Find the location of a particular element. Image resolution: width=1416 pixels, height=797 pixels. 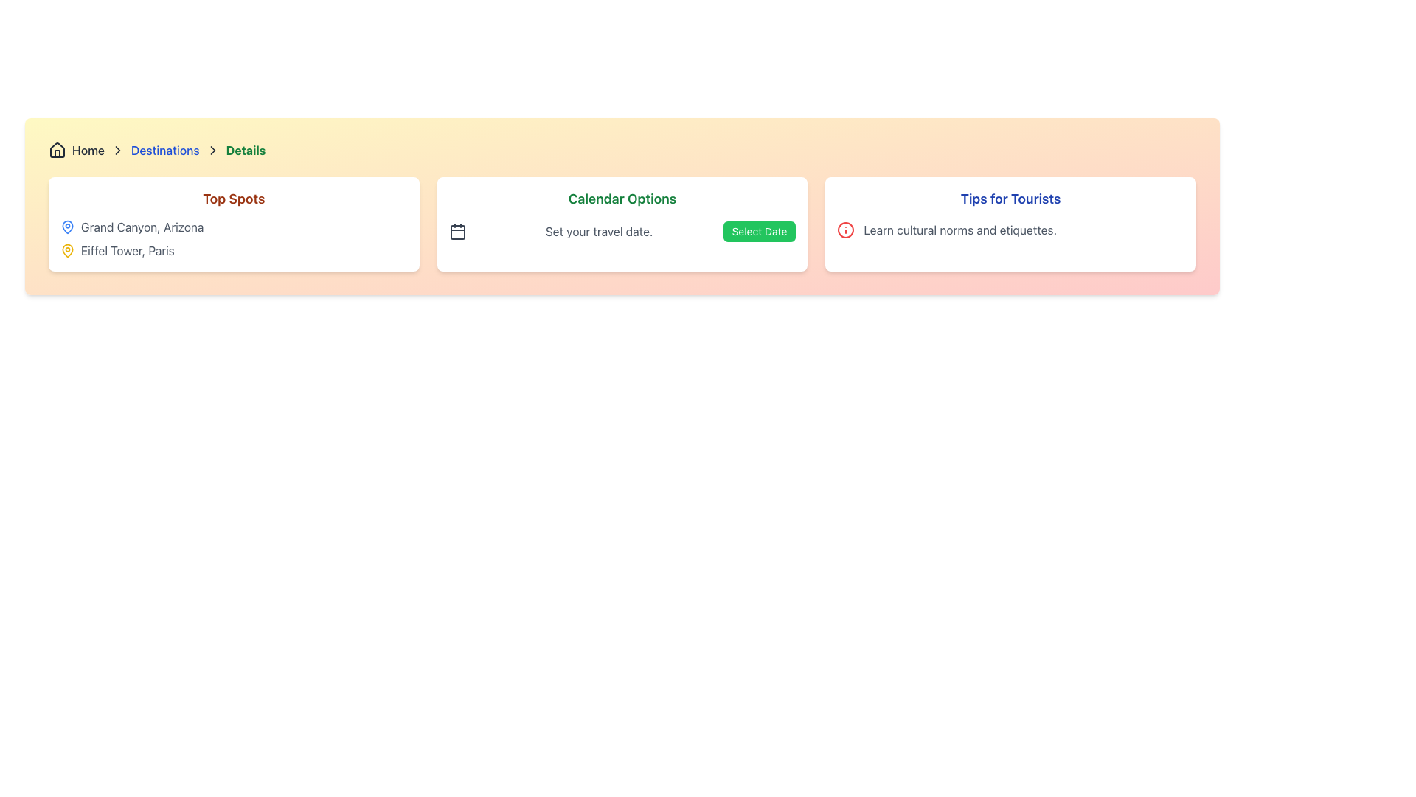

information provided on the Informational Card located in the top-right corner of the grid, which contains tips for tourists regarding cultural norms and etiquettes is located at coordinates (1009, 224).